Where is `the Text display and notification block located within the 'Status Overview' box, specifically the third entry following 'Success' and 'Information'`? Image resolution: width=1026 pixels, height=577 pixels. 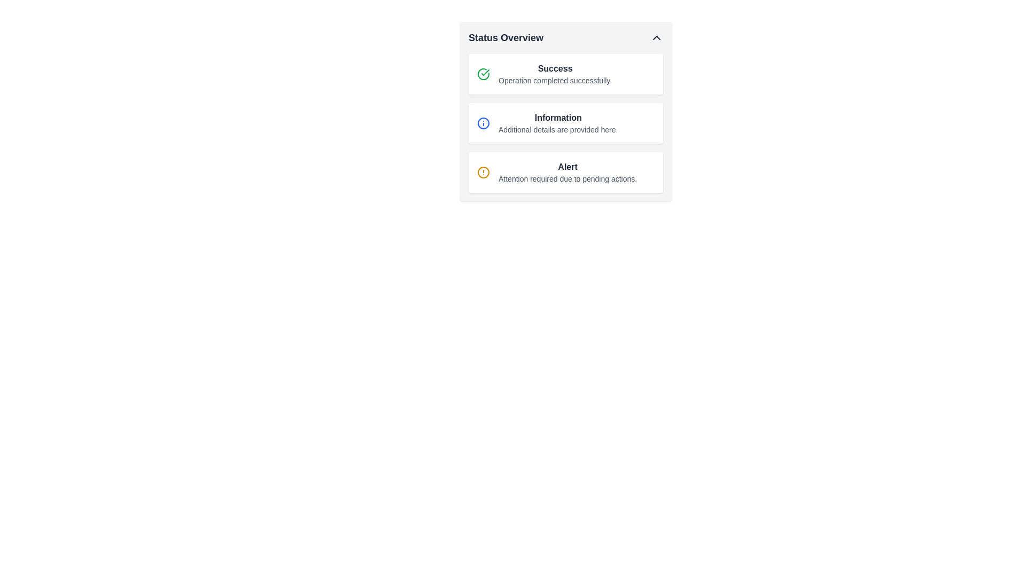
the Text display and notification block located within the 'Status Overview' box, specifically the third entry following 'Success' and 'Information' is located at coordinates (567, 172).